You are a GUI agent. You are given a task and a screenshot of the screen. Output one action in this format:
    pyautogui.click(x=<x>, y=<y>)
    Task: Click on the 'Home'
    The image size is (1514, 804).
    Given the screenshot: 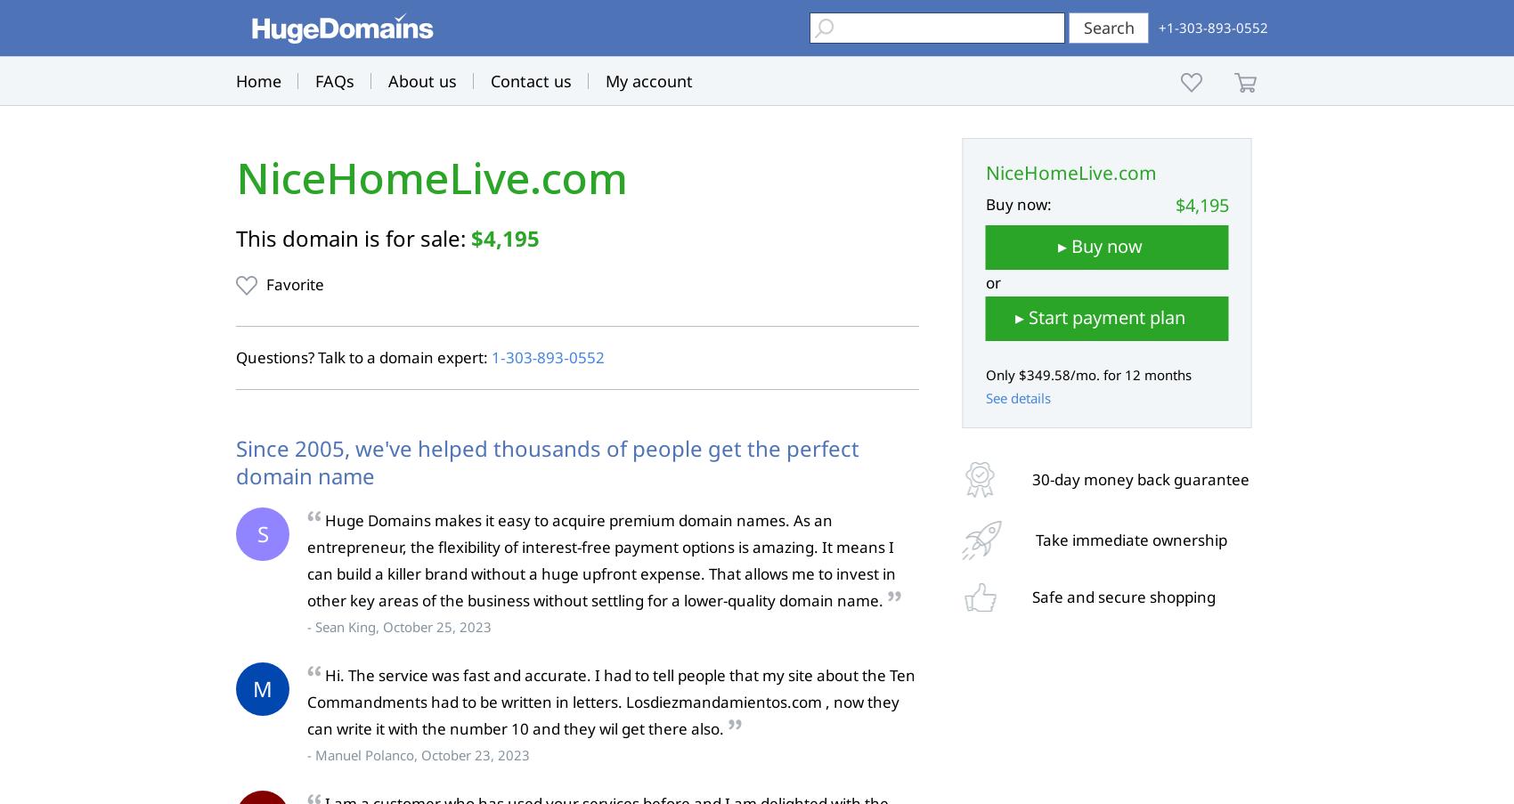 What is the action you would take?
    pyautogui.click(x=258, y=81)
    